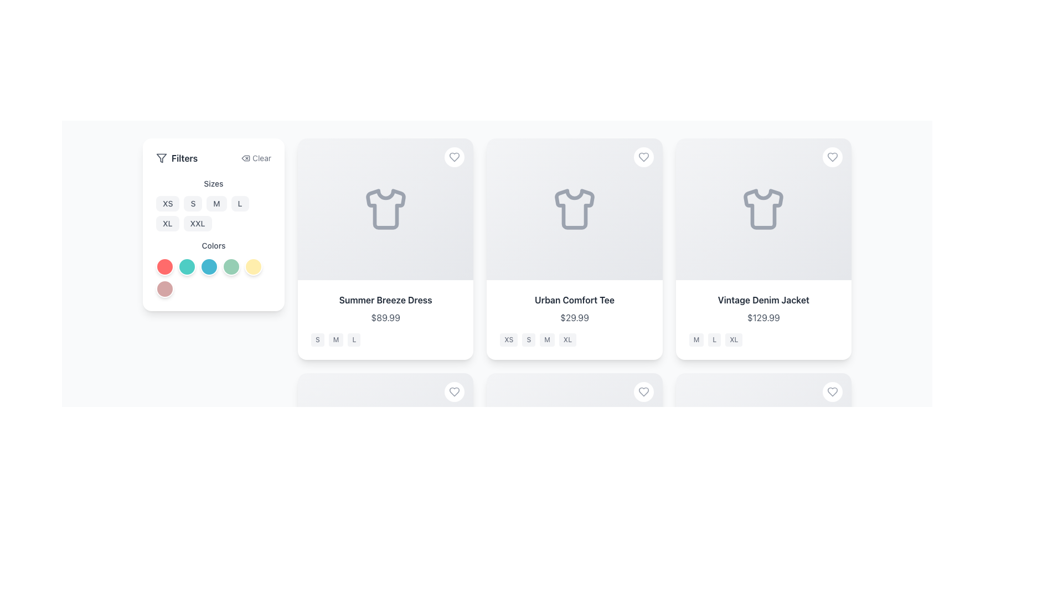  Describe the element at coordinates (239, 203) in the screenshot. I see `the 'L' size button, which is the fourth button from the left` at that location.